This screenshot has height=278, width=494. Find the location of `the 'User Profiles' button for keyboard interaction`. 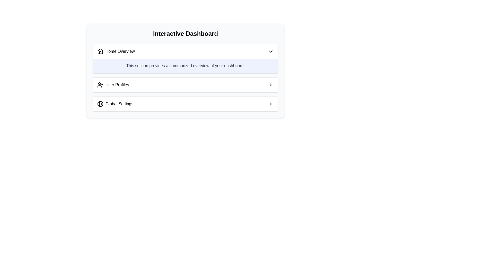

the 'User Profiles' button for keyboard interaction is located at coordinates (185, 85).